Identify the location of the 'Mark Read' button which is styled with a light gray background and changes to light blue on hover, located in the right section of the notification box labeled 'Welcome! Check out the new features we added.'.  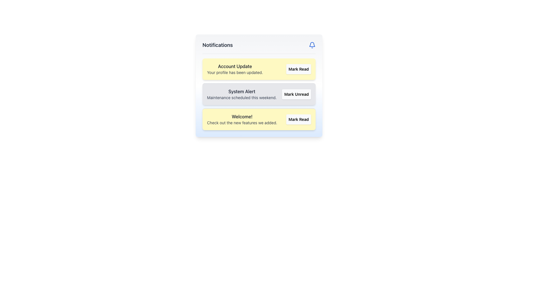
(298, 119).